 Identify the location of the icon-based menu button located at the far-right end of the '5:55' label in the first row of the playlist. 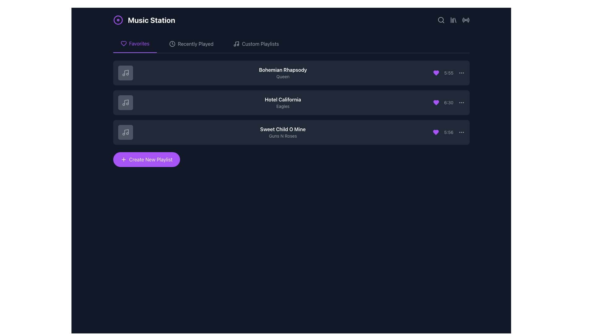
(461, 72).